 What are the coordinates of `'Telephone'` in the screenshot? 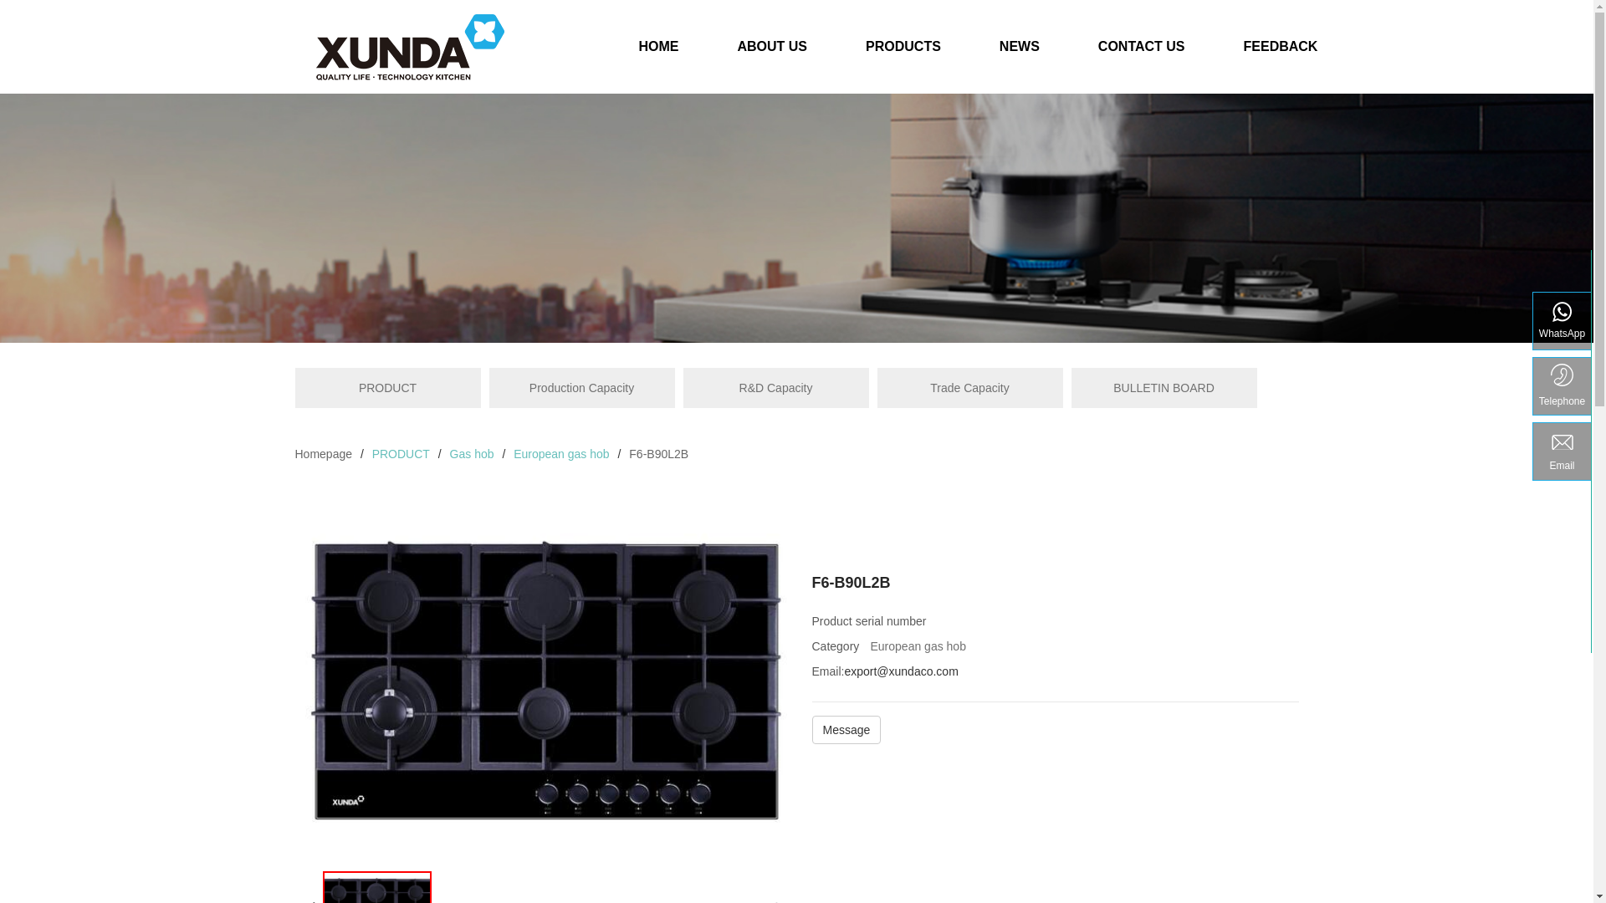 It's located at (1561, 386).